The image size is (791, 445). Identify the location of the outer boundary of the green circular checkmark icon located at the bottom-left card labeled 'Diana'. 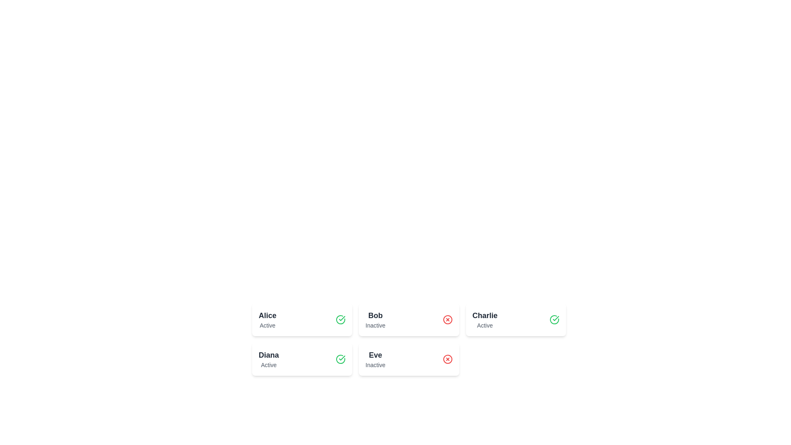
(341, 319).